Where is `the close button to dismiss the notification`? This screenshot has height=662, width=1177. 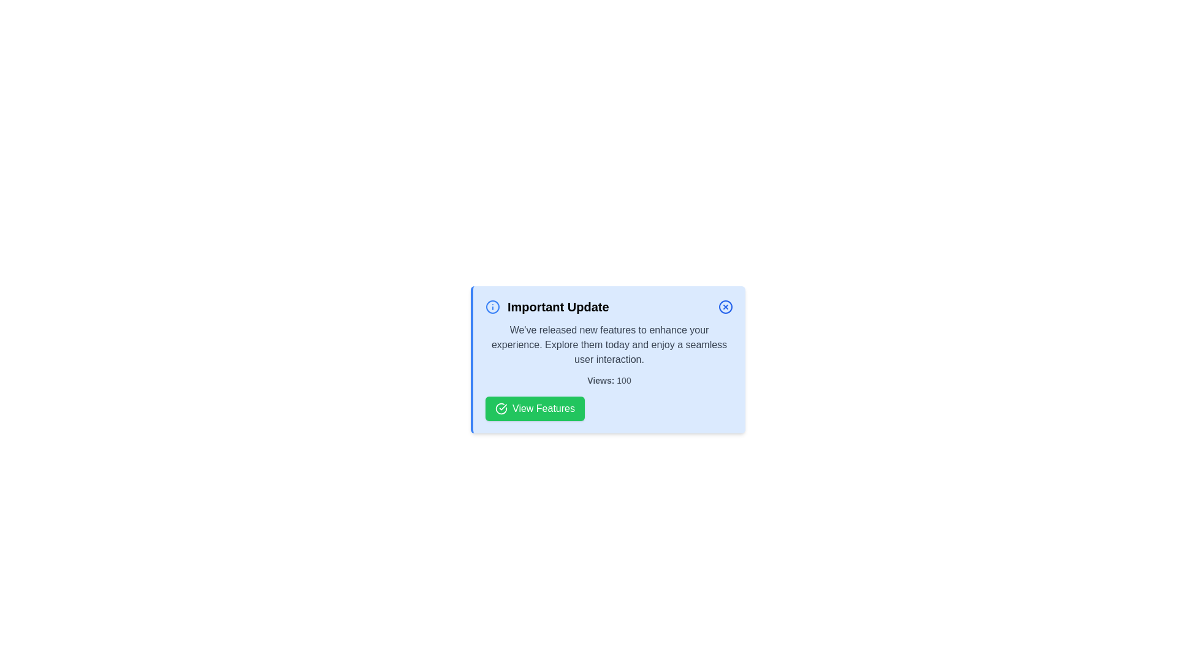
the close button to dismiss the notification is located at coordinates (726, 306).